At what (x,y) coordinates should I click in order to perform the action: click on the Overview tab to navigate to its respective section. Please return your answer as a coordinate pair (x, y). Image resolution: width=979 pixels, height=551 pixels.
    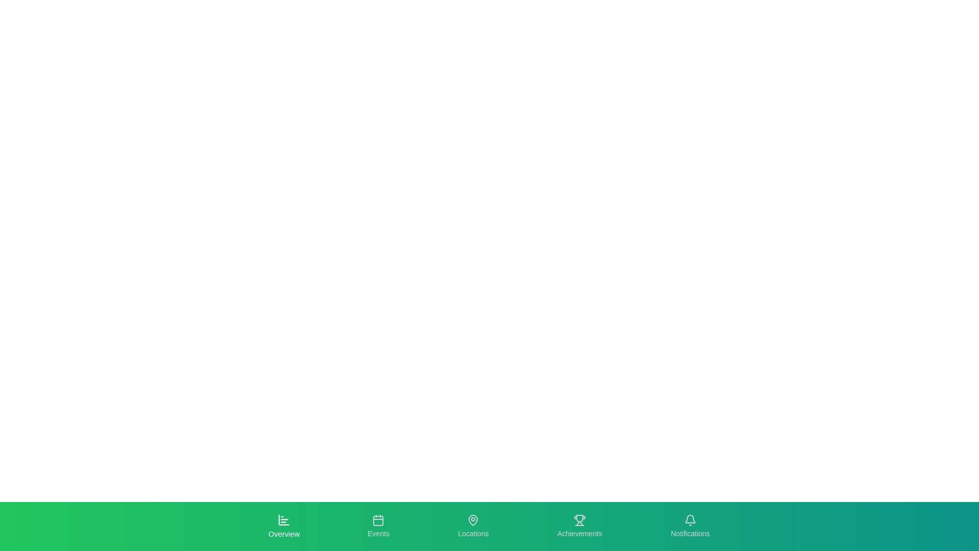
    Looking at the image, I should click on (284, 527).